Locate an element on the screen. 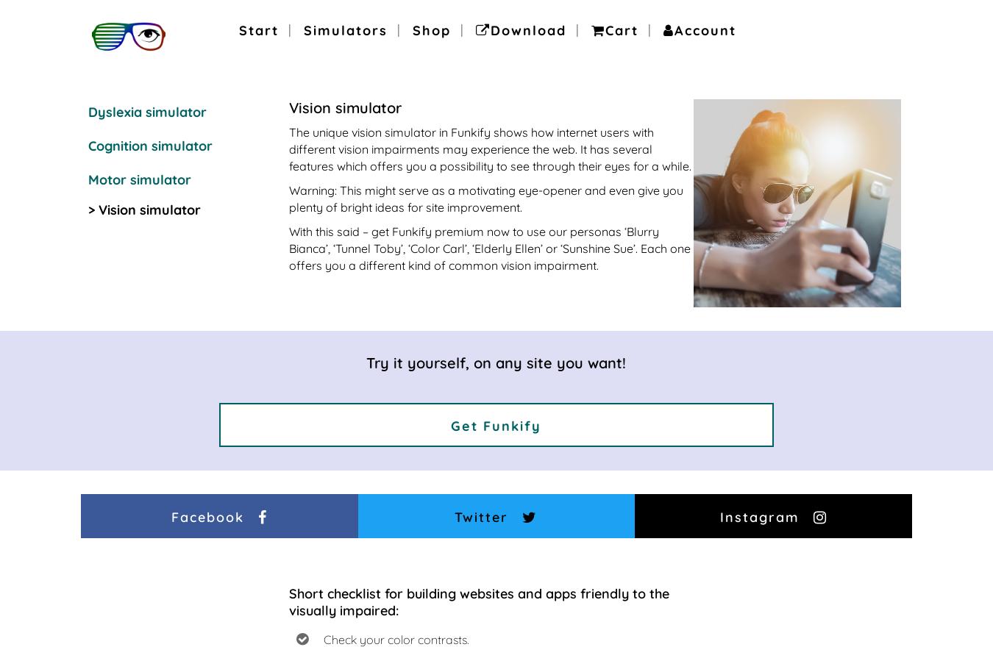 This screenshot has height=647, width=993. 'Dyslexia simulator' is located at coordinates (147, 111).